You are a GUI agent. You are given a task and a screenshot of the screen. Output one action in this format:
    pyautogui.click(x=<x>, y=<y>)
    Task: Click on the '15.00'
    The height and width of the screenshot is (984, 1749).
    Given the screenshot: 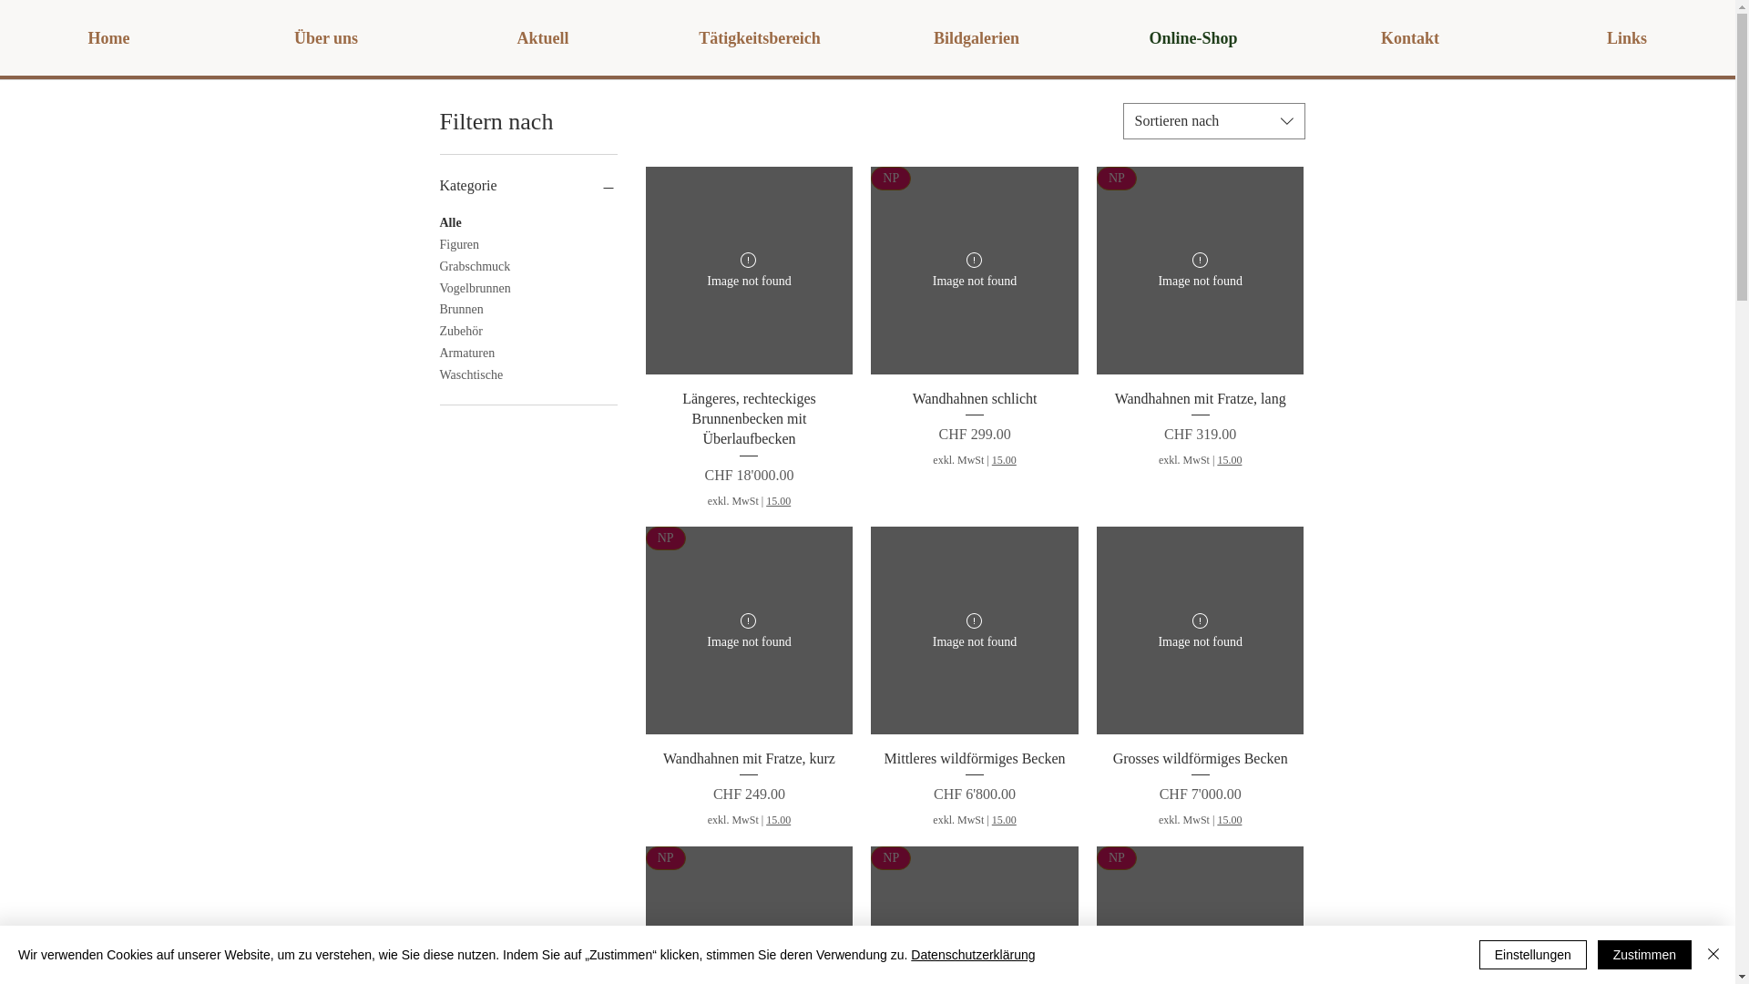 What is the action you would take?
    pyautogui.click(x=778, y=501)
    